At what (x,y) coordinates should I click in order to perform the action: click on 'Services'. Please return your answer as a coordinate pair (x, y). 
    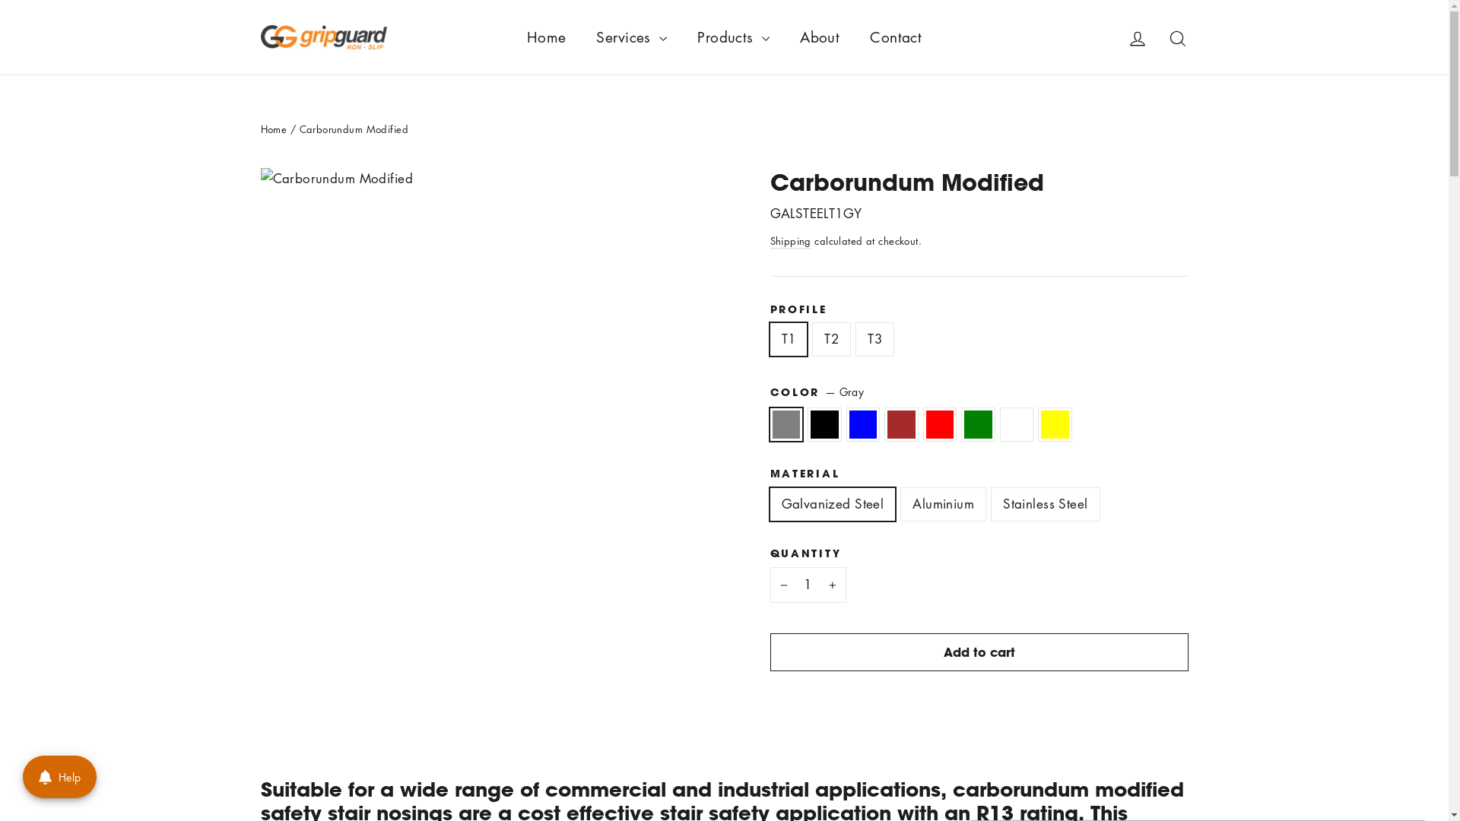
    Looking at the image, I should click on (631, 36).